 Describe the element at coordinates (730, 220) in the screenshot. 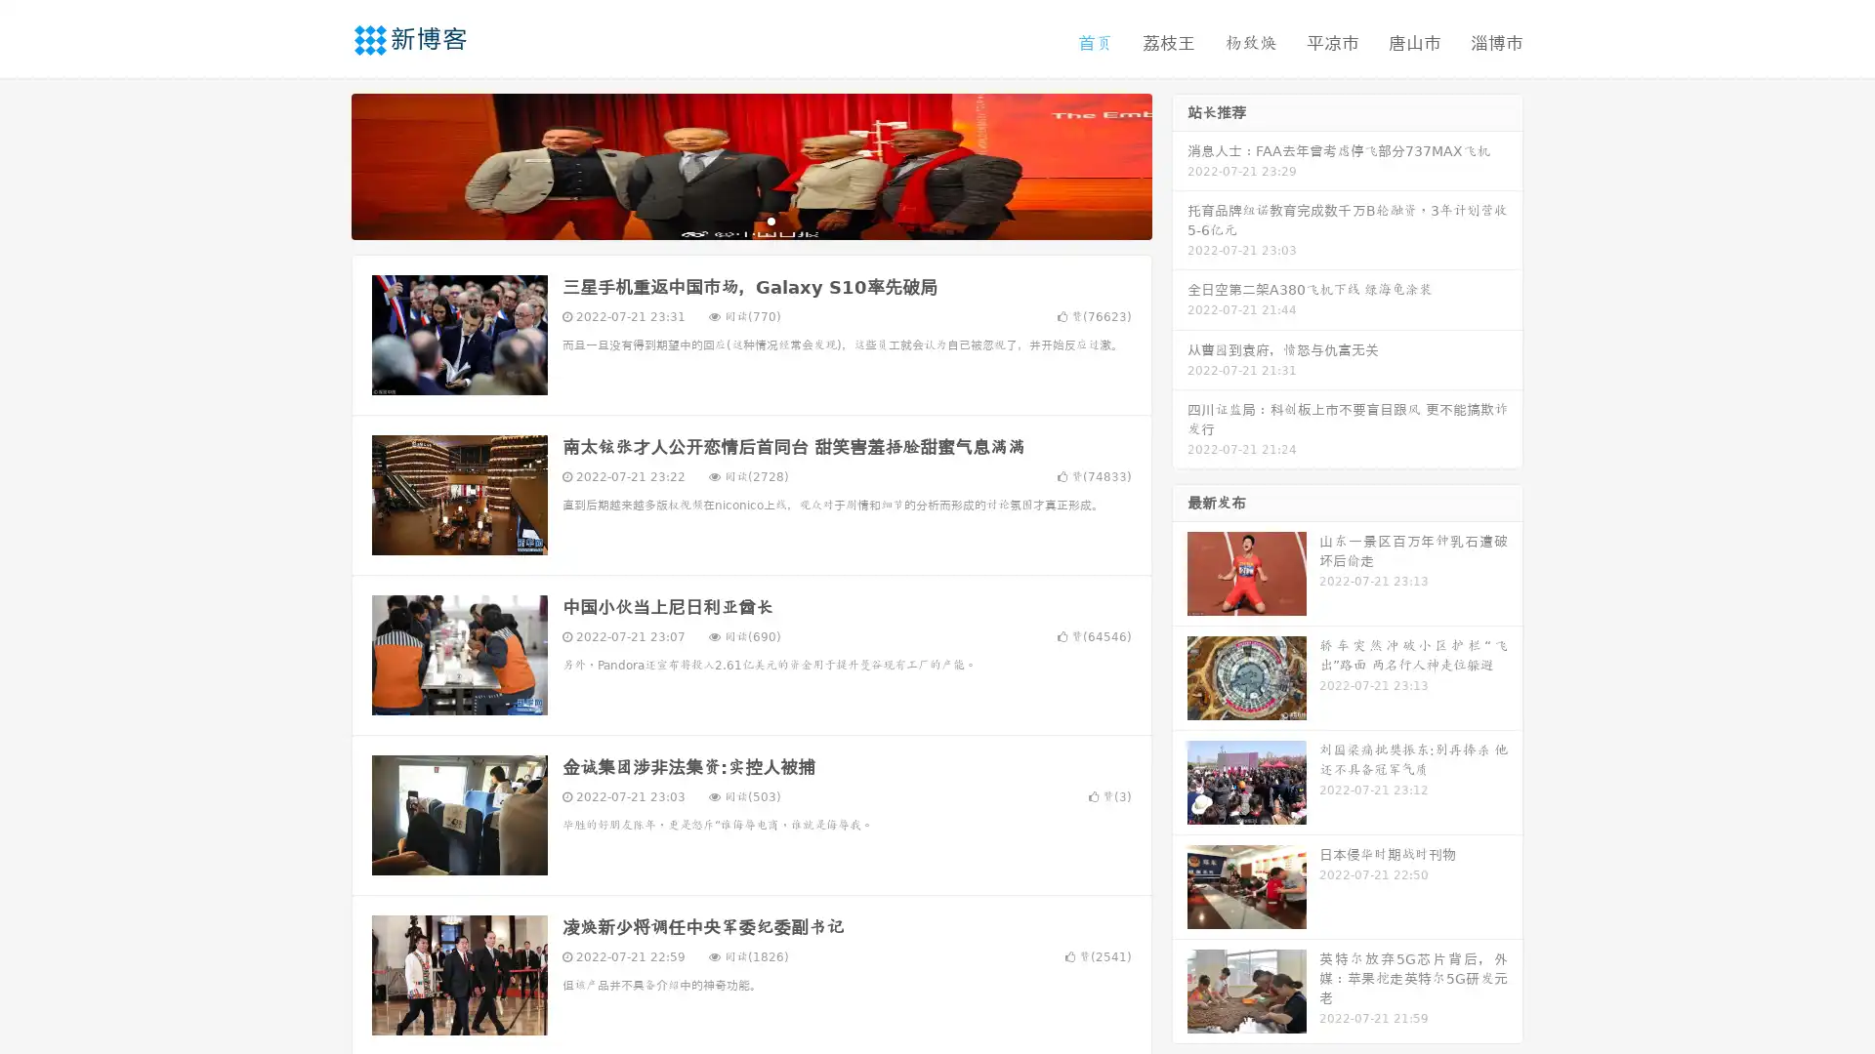

I see `Go to slide 1` at that location.